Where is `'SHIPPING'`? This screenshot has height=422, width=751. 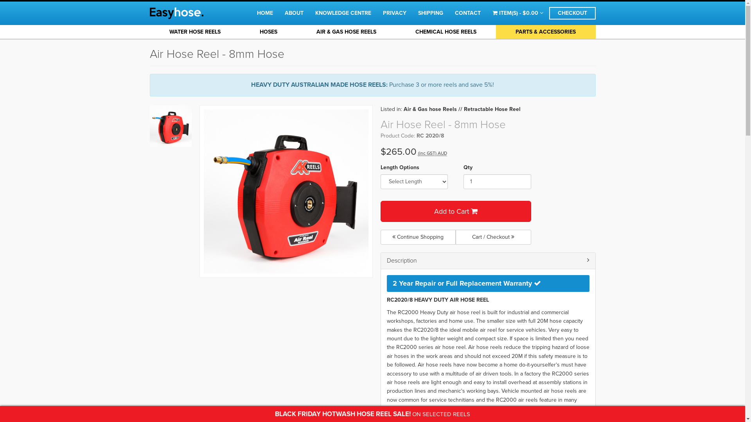 'SHIPPING' is located at coordinates (430, 13).